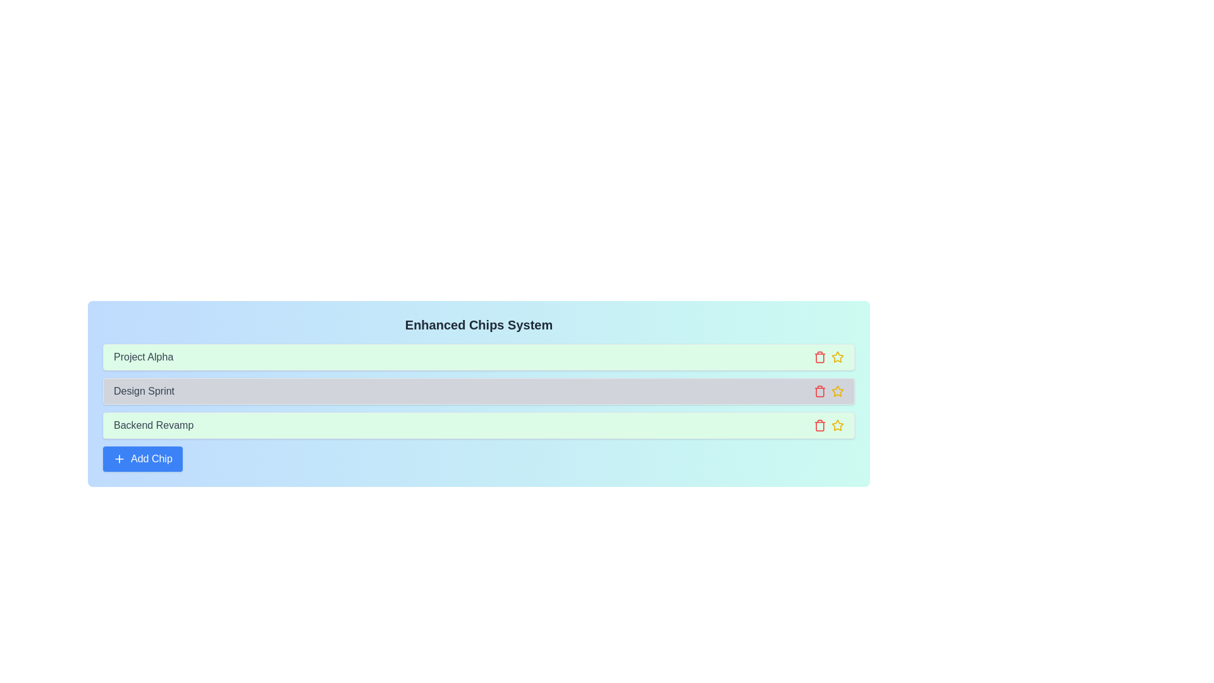 This screenshot has width=1214, height=683. What do you see at coordinates (837, 390) in the screenshot?
I see `star button of the chip labeled Design Sprint` at bounding box center [837, 390].